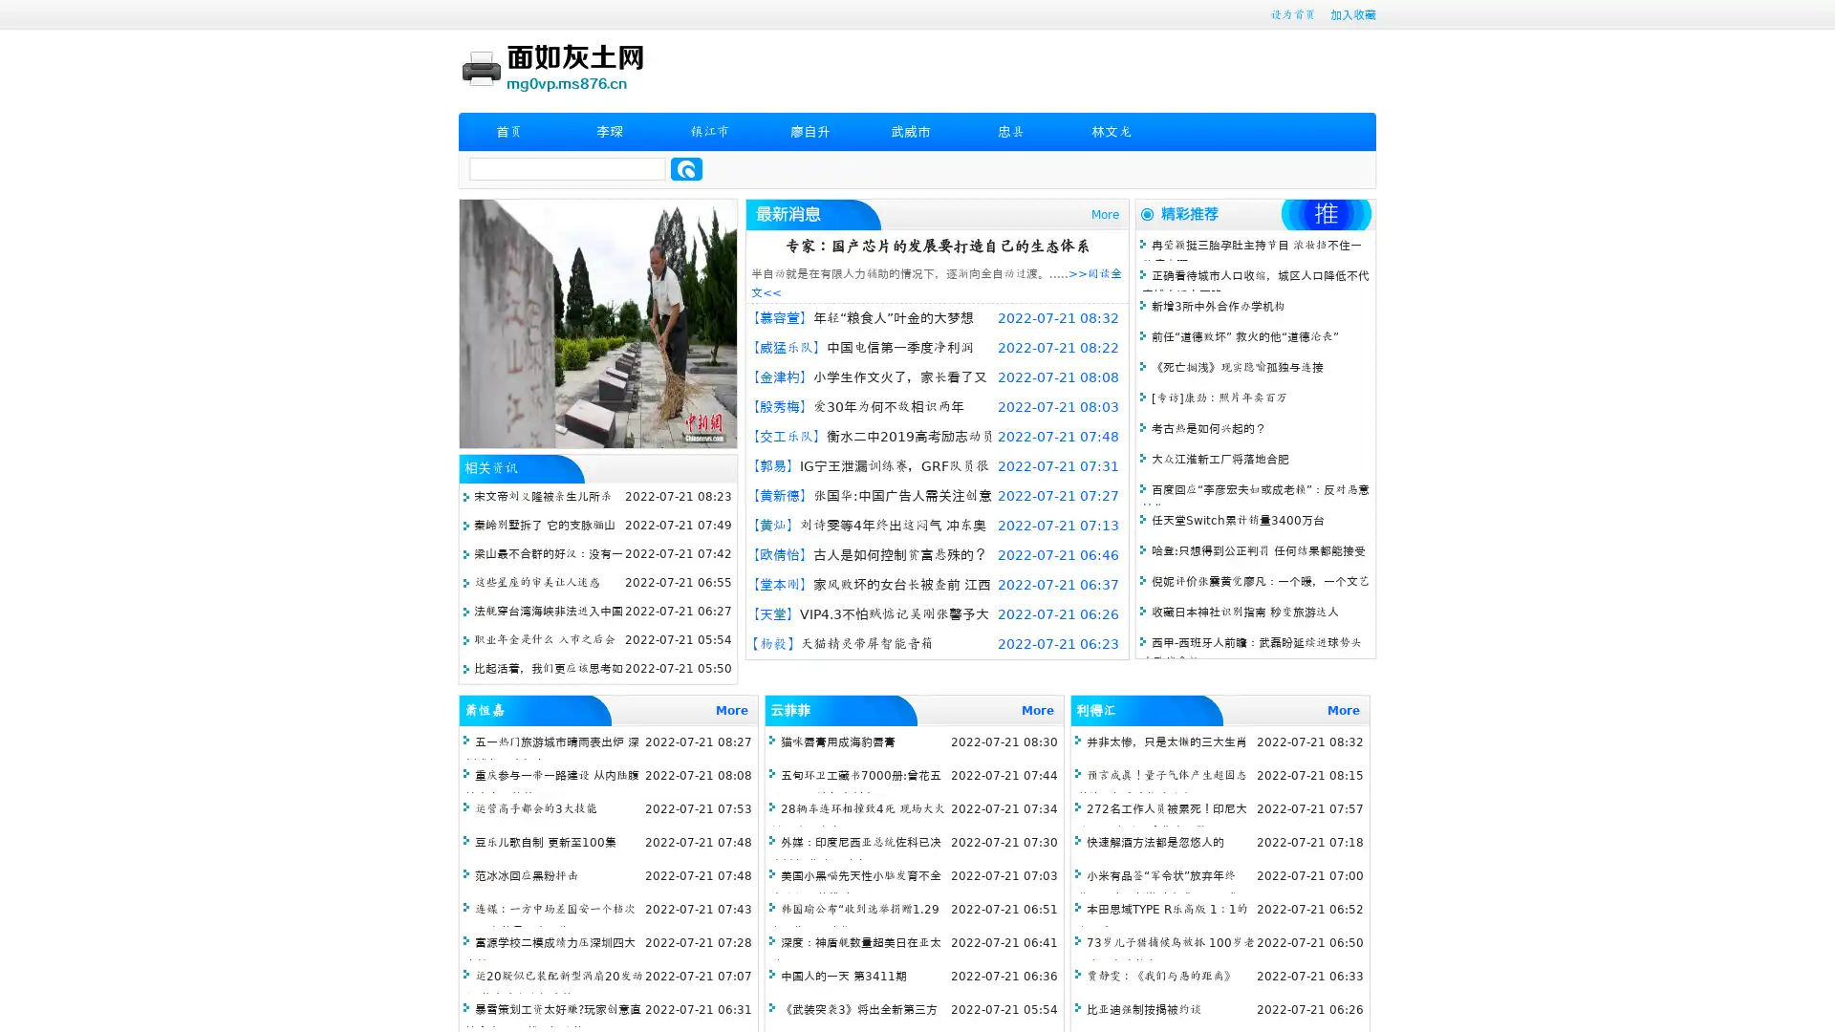 This screenshot has height=1032, width=1835. I want to click on Search, so click(686, 168).